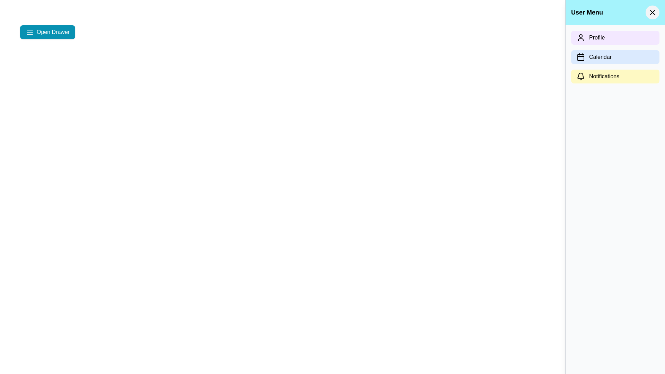  Describe the element at coordinates (47, 32) in the screenshot. I see `'Open Drawer' button to toggle the drawer's visibility` at that location.